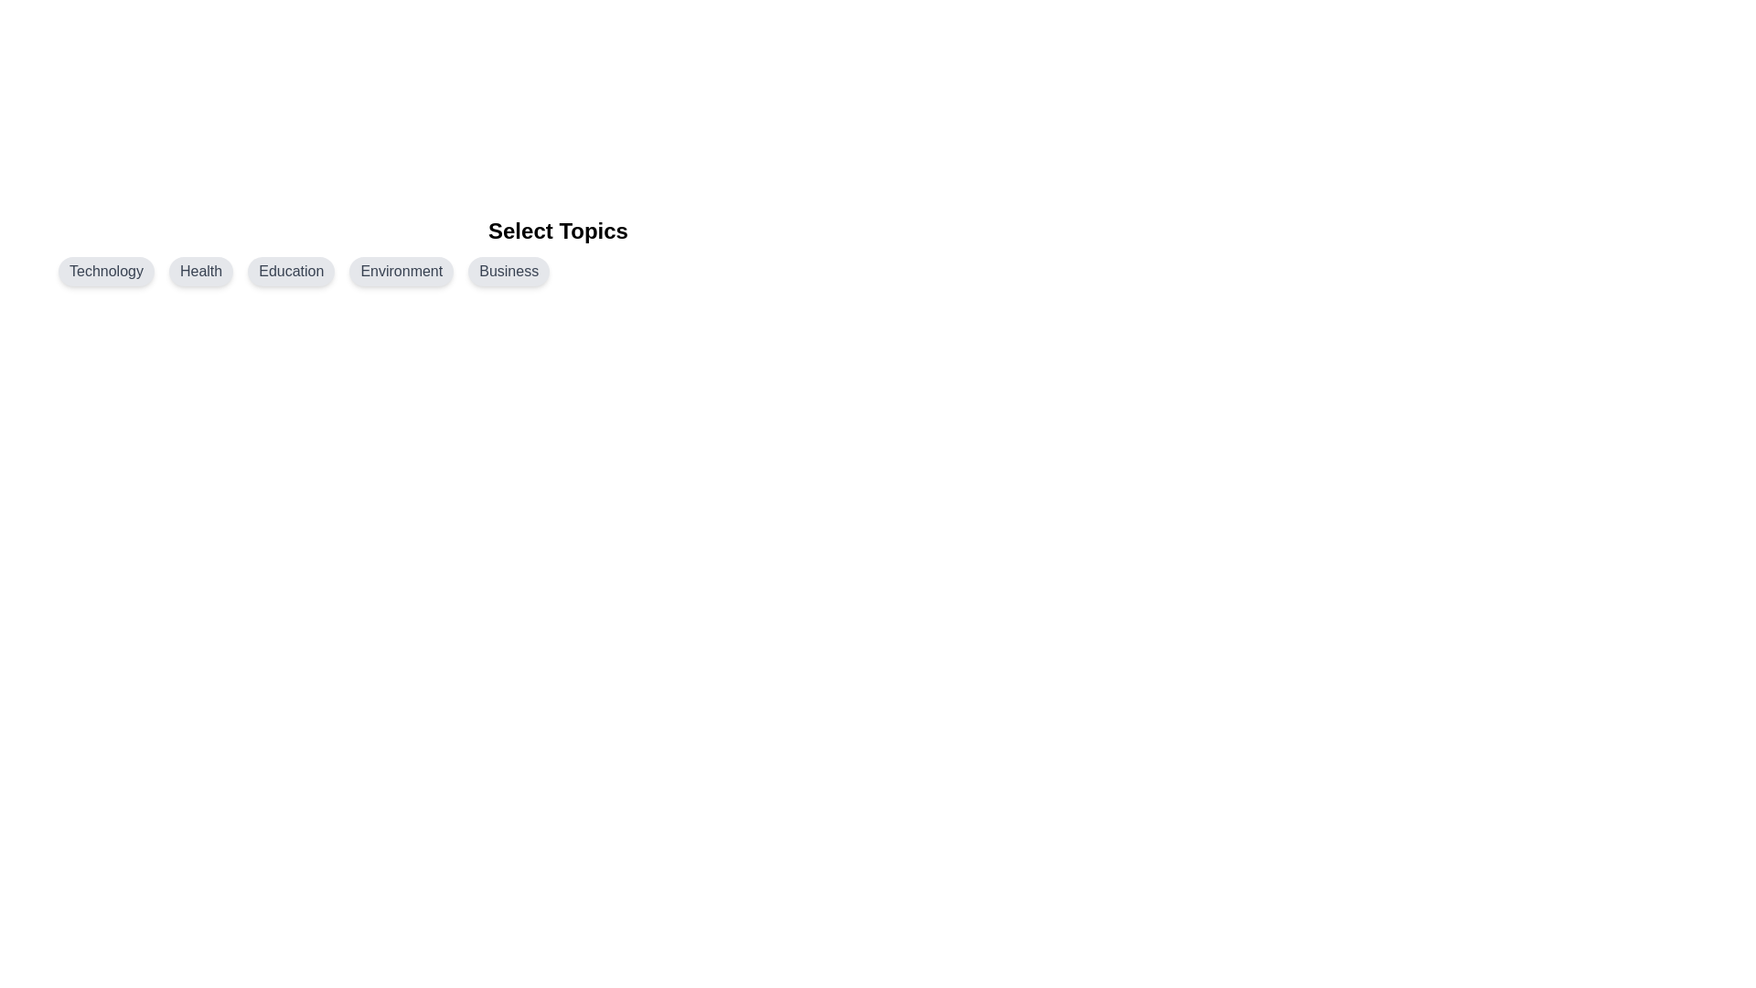  What do you see at coordinates (104, 272) in the screenshot?
I see `the topic chip labeled Technology by clicking on it` at bounding box center [104, 272].